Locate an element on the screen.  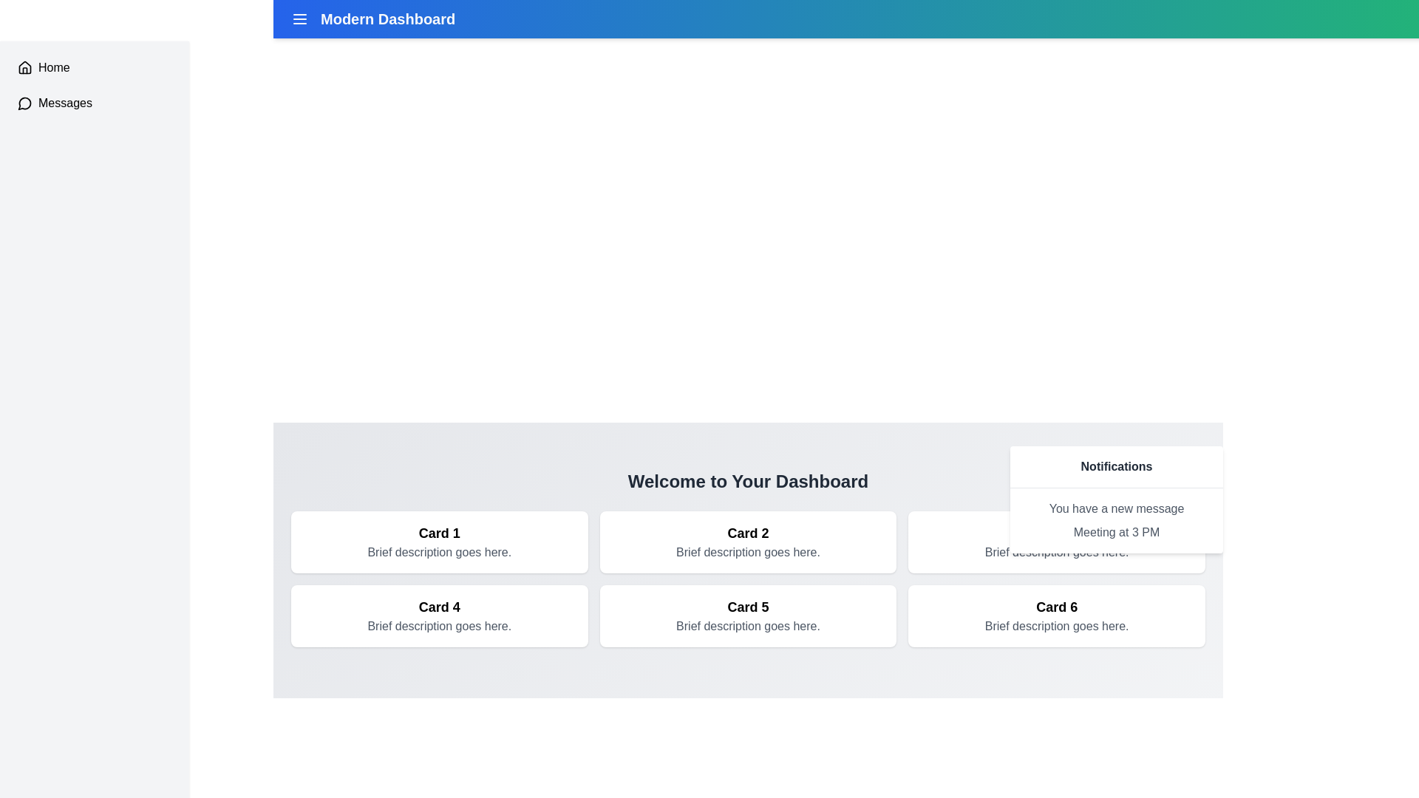
text displayed in gray font that says 'Brief description goes here.' located in the lower section of the fifth card under the heading 'Welcome to Your Dashboard.' is located at coordinates (748, 627).